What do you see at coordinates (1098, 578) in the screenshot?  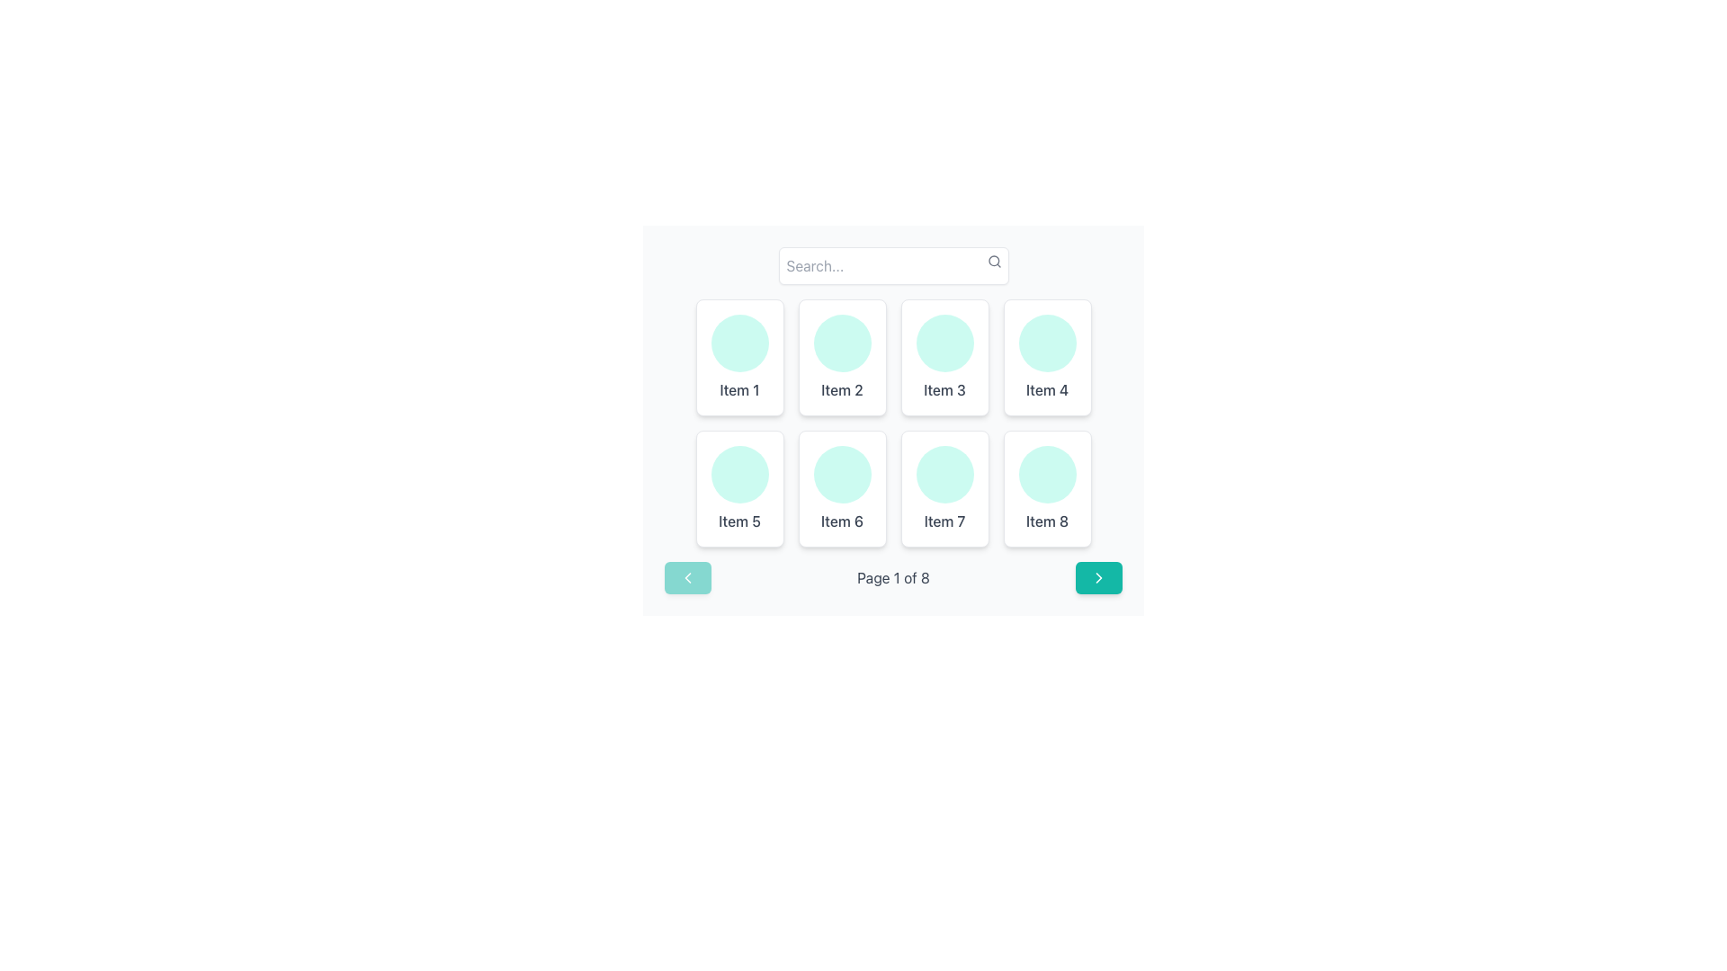 I see `the navigation icon located within the right navigational button at the bottom right corner of the interface` at bounding box center [1098, 578].